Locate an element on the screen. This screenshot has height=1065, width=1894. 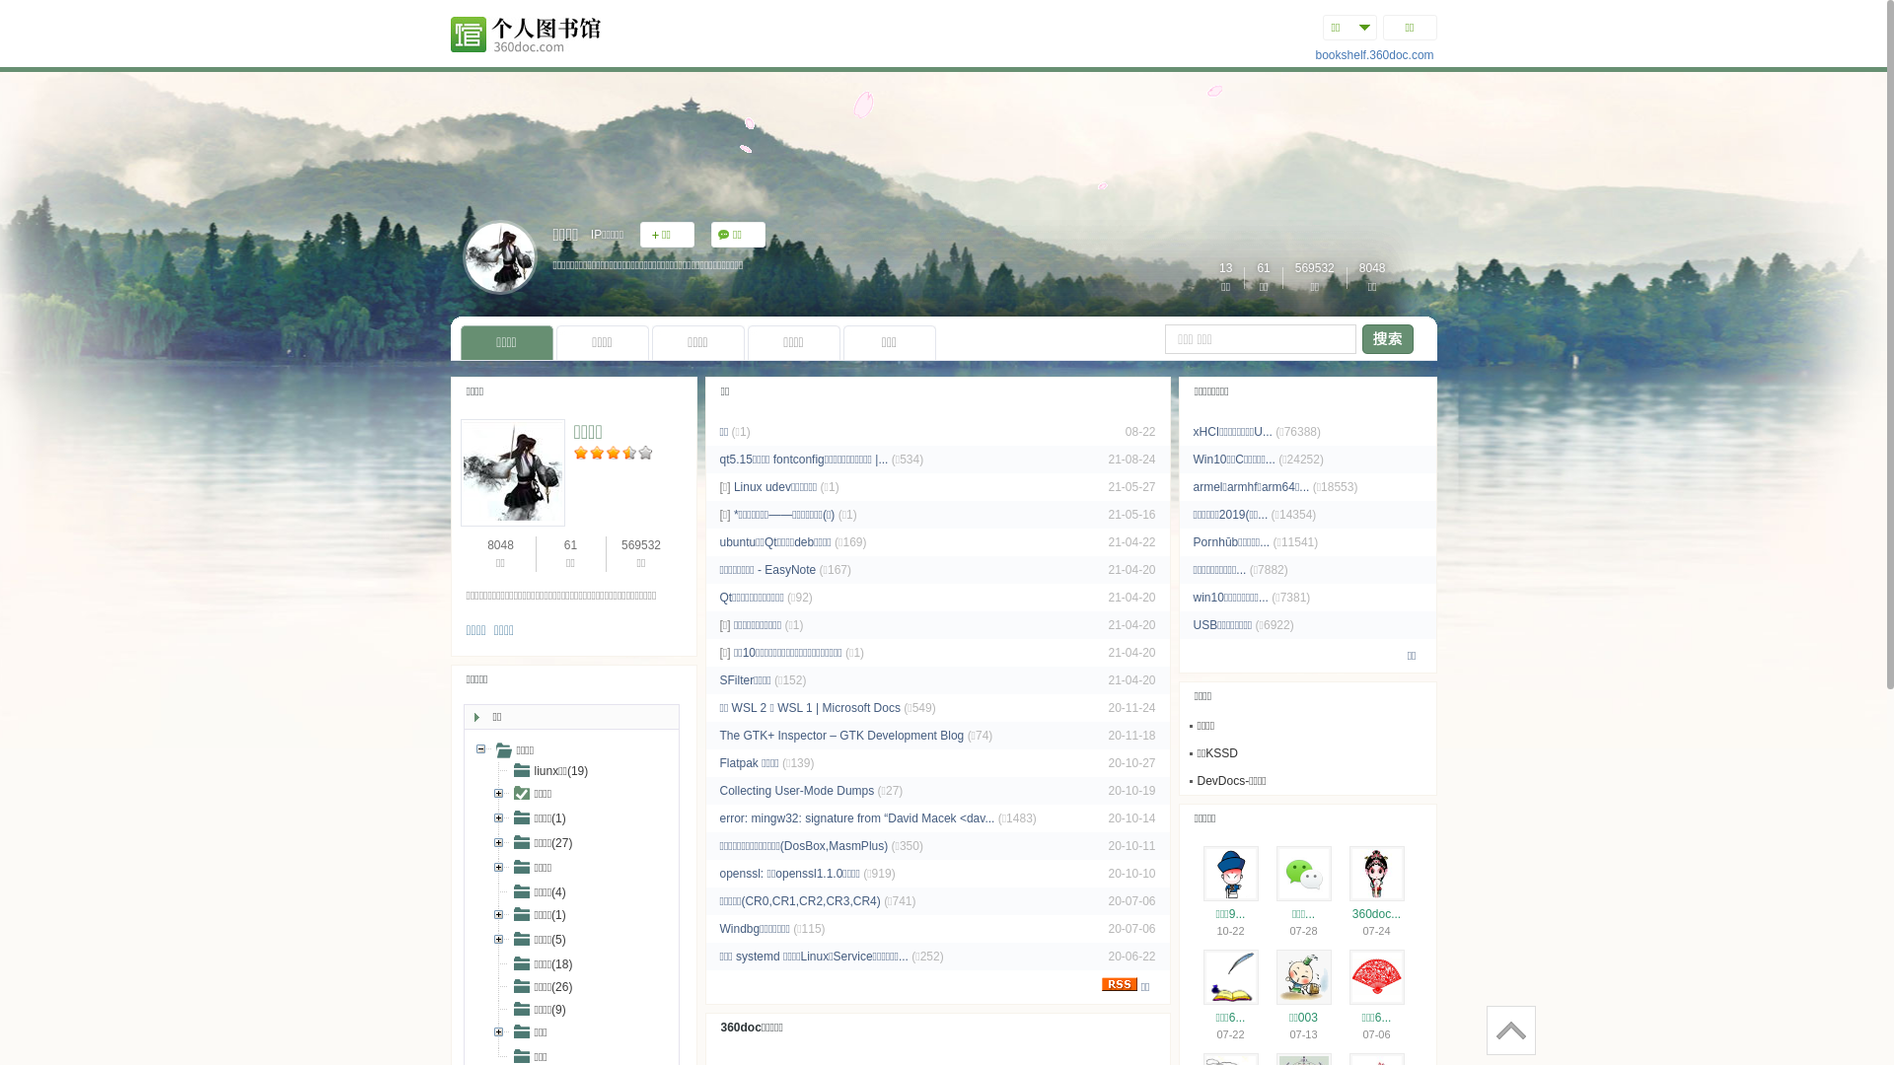
'Collecting User-Mode Dumps' is located at coordinates (797, 790).